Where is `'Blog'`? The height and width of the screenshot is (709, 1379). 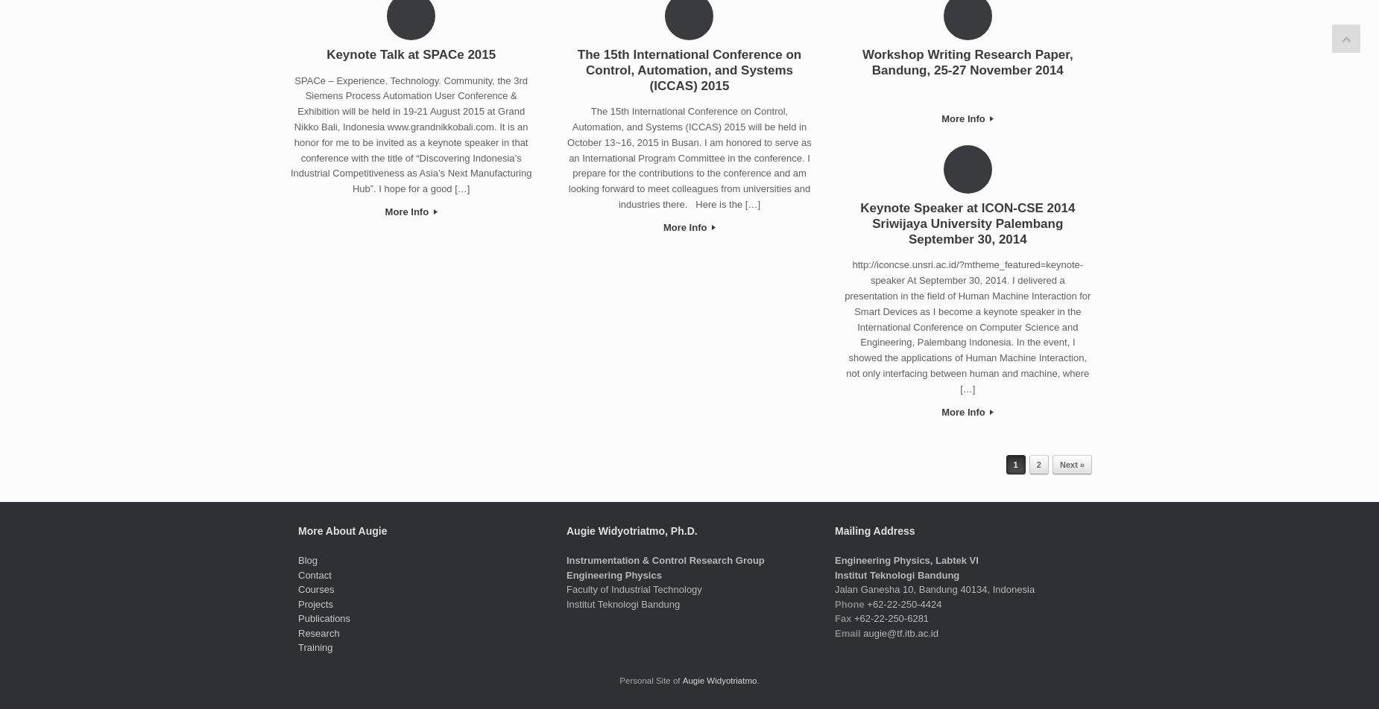 'Blog' is located at coordinates (306, 560).